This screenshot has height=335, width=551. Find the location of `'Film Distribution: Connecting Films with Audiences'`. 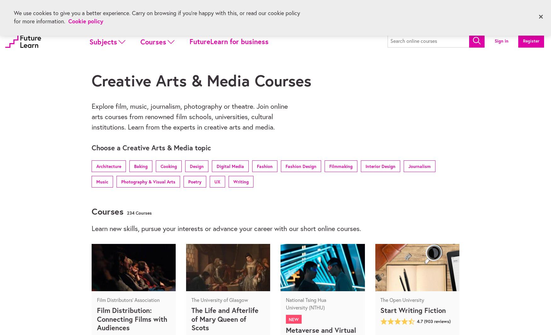

'Film Distribution: Connecting Films with Audiences' is located at coordinates (131, 318).